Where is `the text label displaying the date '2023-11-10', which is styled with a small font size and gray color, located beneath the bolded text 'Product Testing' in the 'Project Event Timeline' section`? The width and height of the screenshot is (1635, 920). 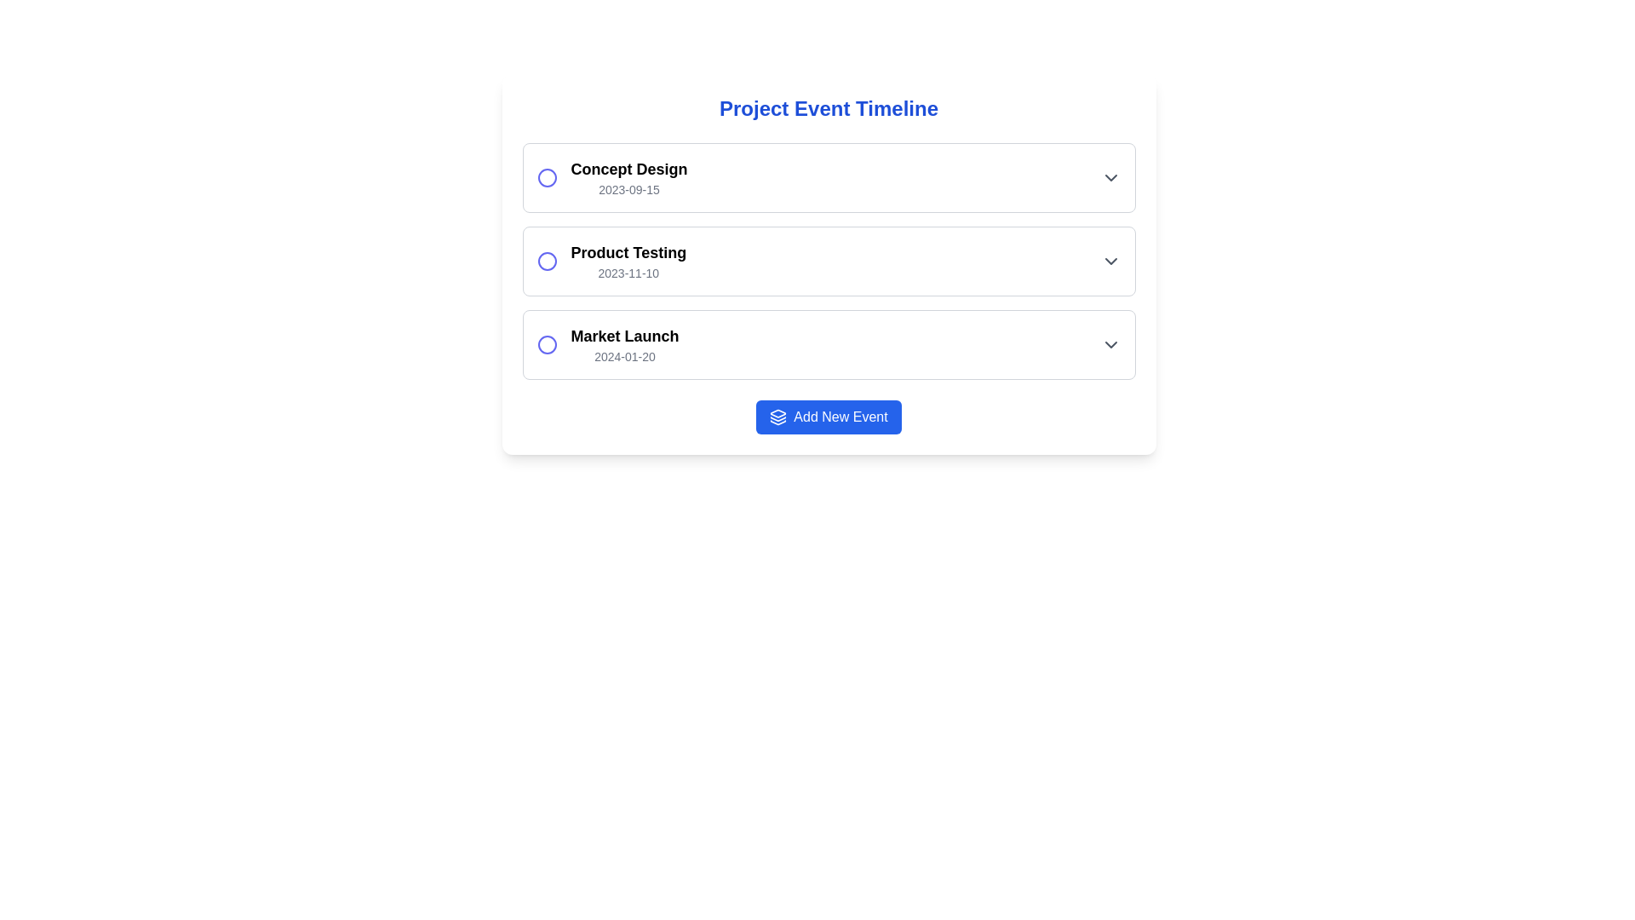 the text label displaying the date '2023-11-10', which is styled with a small font size and gray color, located beneath the bolded text 'Product Testing' in the 'Project Event Timeline' section is located at coordinates (628, 272).